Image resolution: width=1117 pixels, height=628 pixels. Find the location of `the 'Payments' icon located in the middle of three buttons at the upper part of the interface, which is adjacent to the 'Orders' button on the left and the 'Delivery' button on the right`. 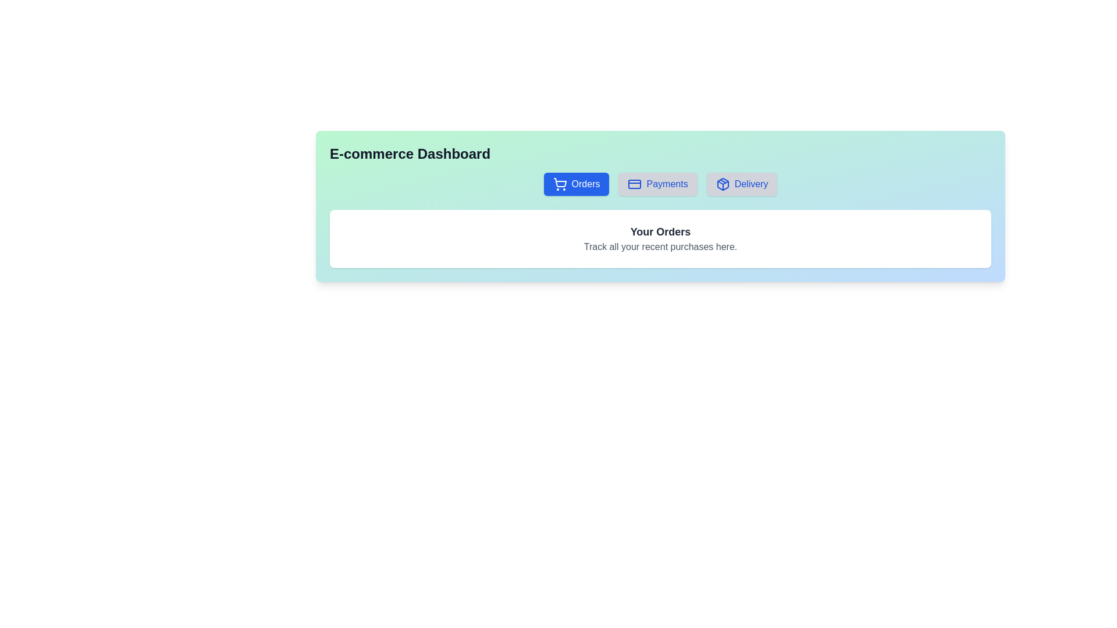

the 'Payments' icon located in the middle of three buttons at the upper part of the interface, which is adjacent to the 'Orders' button on the left and the 'Delivery' button on the right is located at coordinates (634, 183).